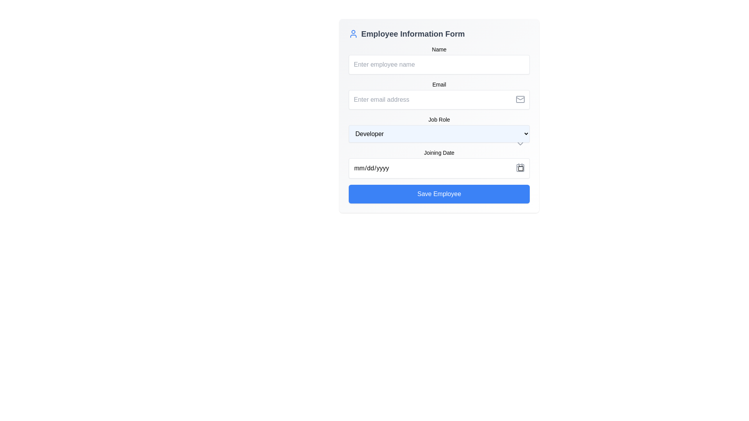  I want to click on the Decorative Icon, which is a minimalist light gray envelope icon located to the right of the email input field, so click(520, 99).